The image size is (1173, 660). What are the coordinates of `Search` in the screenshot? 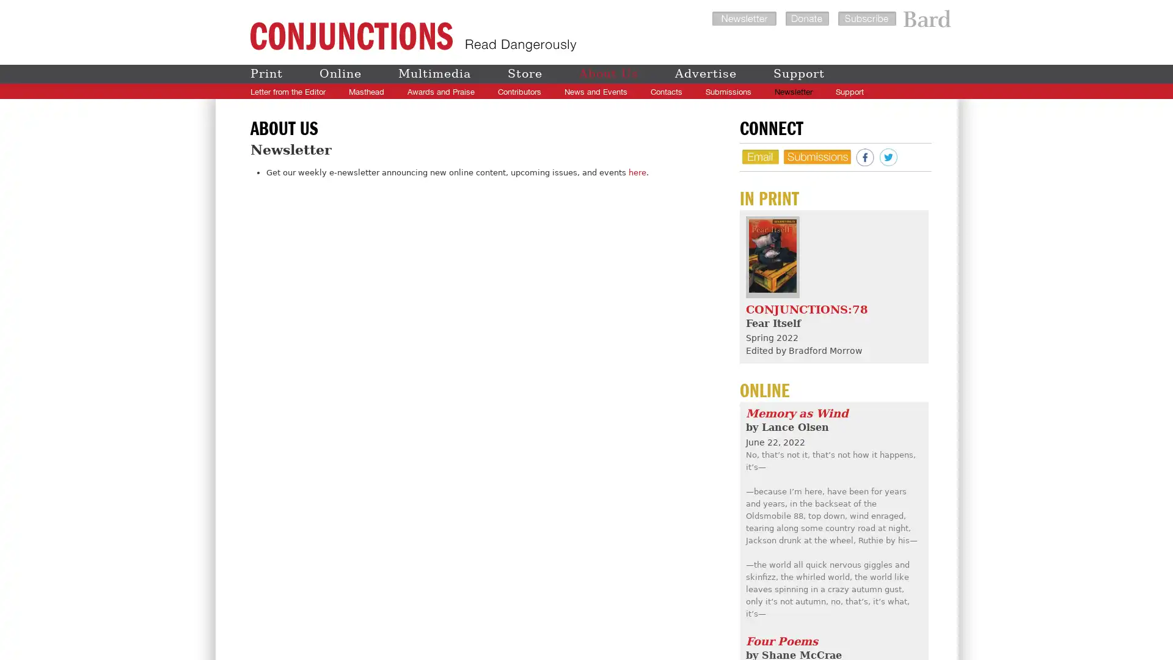 It's located at (918, 91).